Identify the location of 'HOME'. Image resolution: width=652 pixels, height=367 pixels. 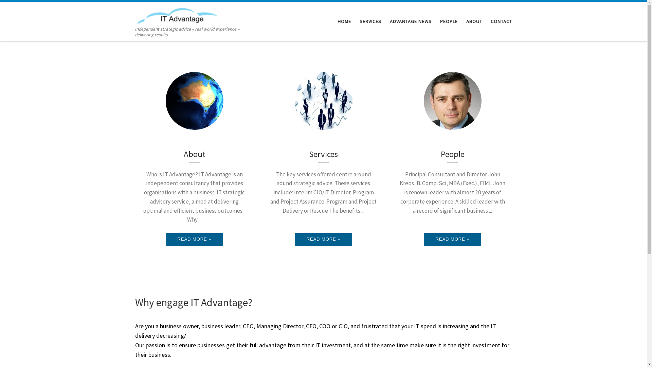
(344, 21).